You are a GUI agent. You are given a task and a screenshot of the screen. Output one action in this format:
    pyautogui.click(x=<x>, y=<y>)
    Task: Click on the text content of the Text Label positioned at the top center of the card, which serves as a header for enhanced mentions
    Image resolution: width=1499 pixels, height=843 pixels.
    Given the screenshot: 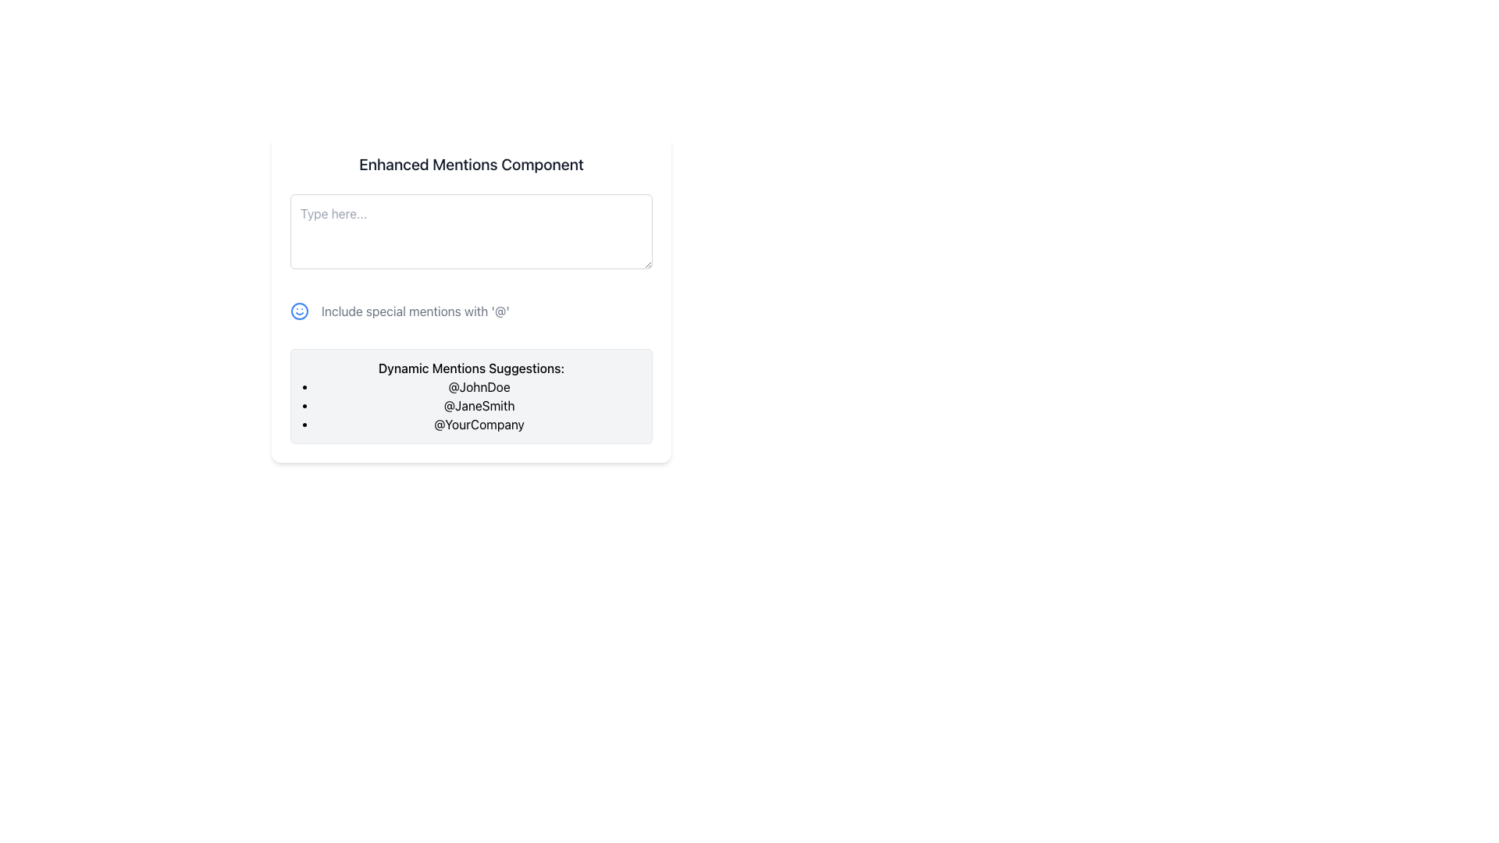 What is the action you would take?
    pyautogui.click(x=471, y=165)
    